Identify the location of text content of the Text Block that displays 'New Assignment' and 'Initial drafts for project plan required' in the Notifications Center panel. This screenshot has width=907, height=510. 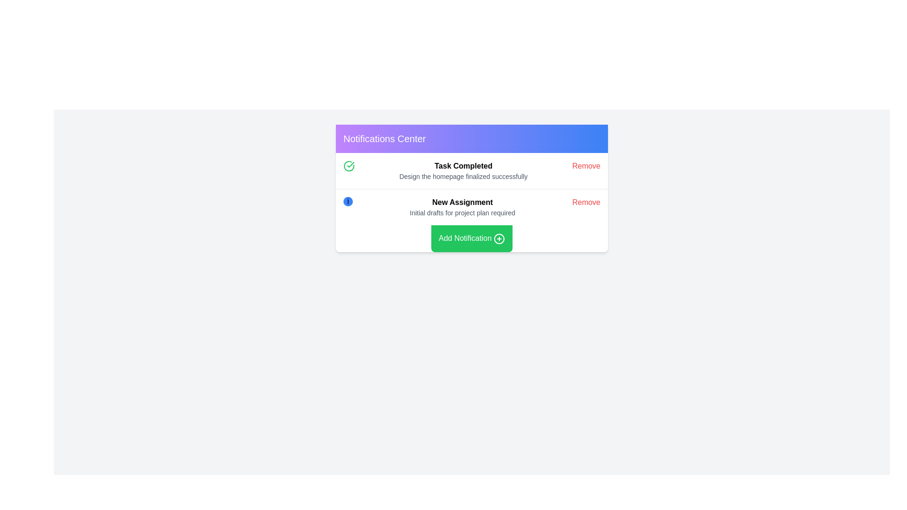
(462, 207).